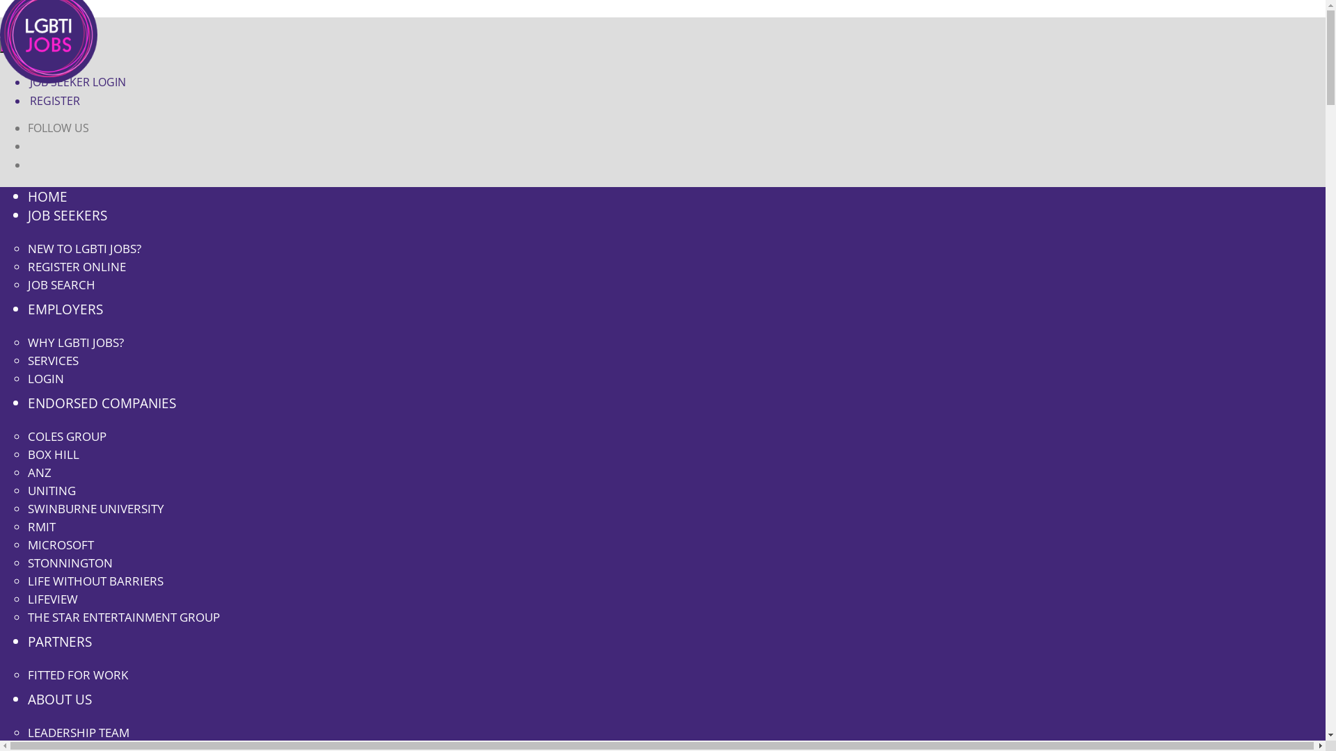 The image size is (1336, 751). Describe the element at coordinates (47, 196) in the screenshot. I see `'HOME'` at that location.